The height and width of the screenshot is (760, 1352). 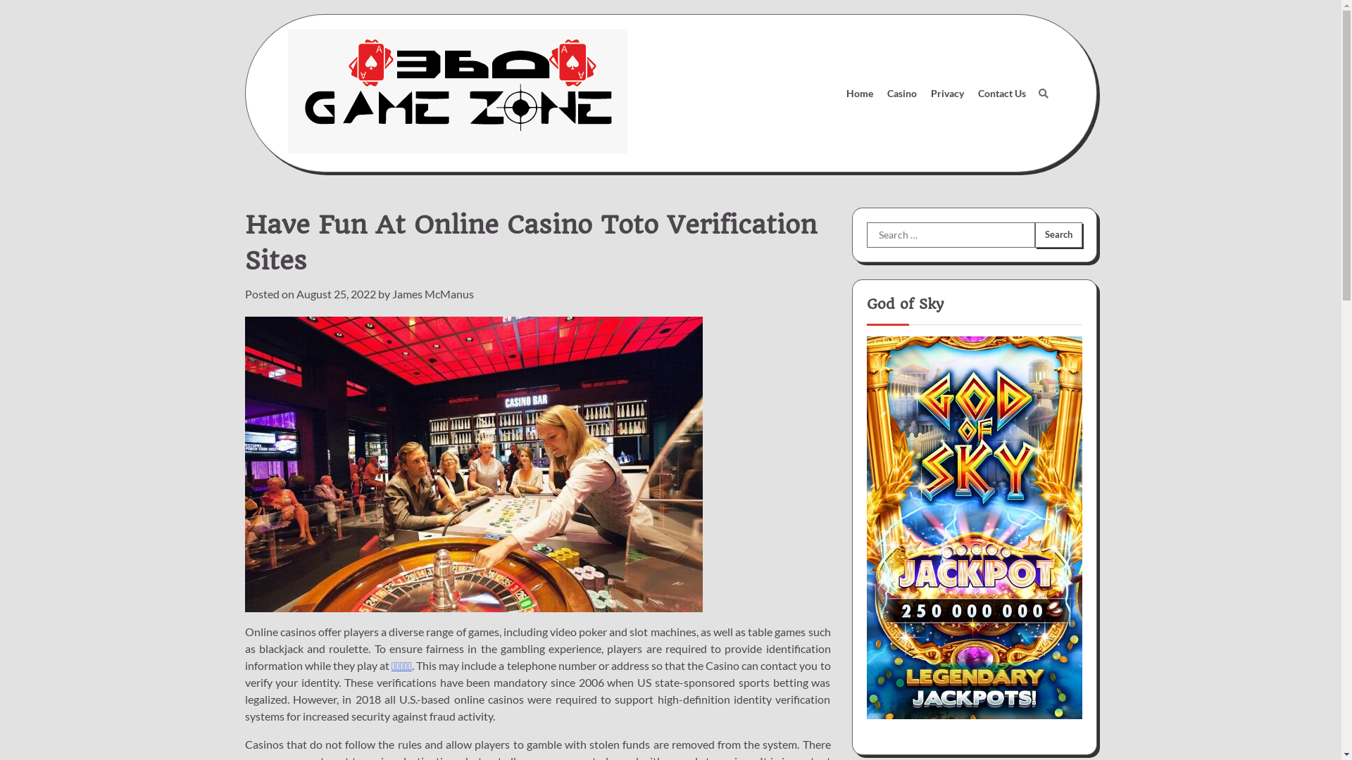 I want to click on 'James McManus', so click(x=432, y=293).